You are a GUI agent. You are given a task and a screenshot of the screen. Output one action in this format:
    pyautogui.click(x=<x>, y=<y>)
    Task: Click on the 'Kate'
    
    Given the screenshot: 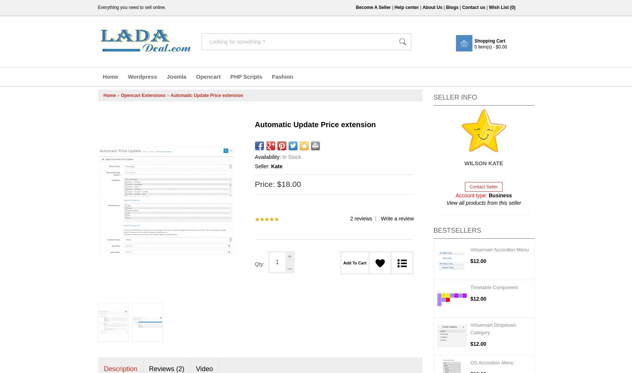 What is the action you would take?
    pyautogui.click(x=276, y=166)
    